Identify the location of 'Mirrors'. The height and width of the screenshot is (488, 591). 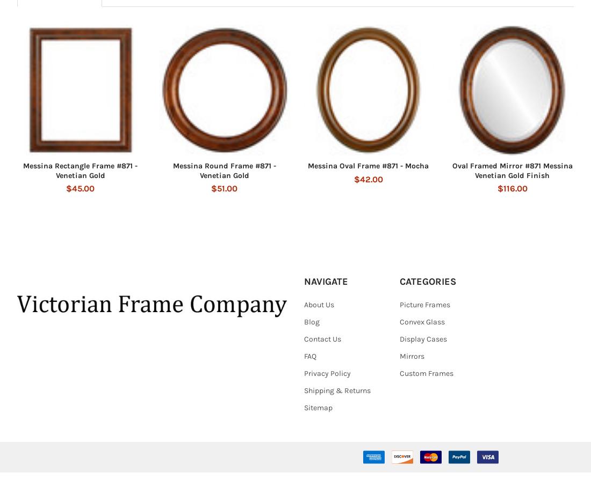
(412, 371).